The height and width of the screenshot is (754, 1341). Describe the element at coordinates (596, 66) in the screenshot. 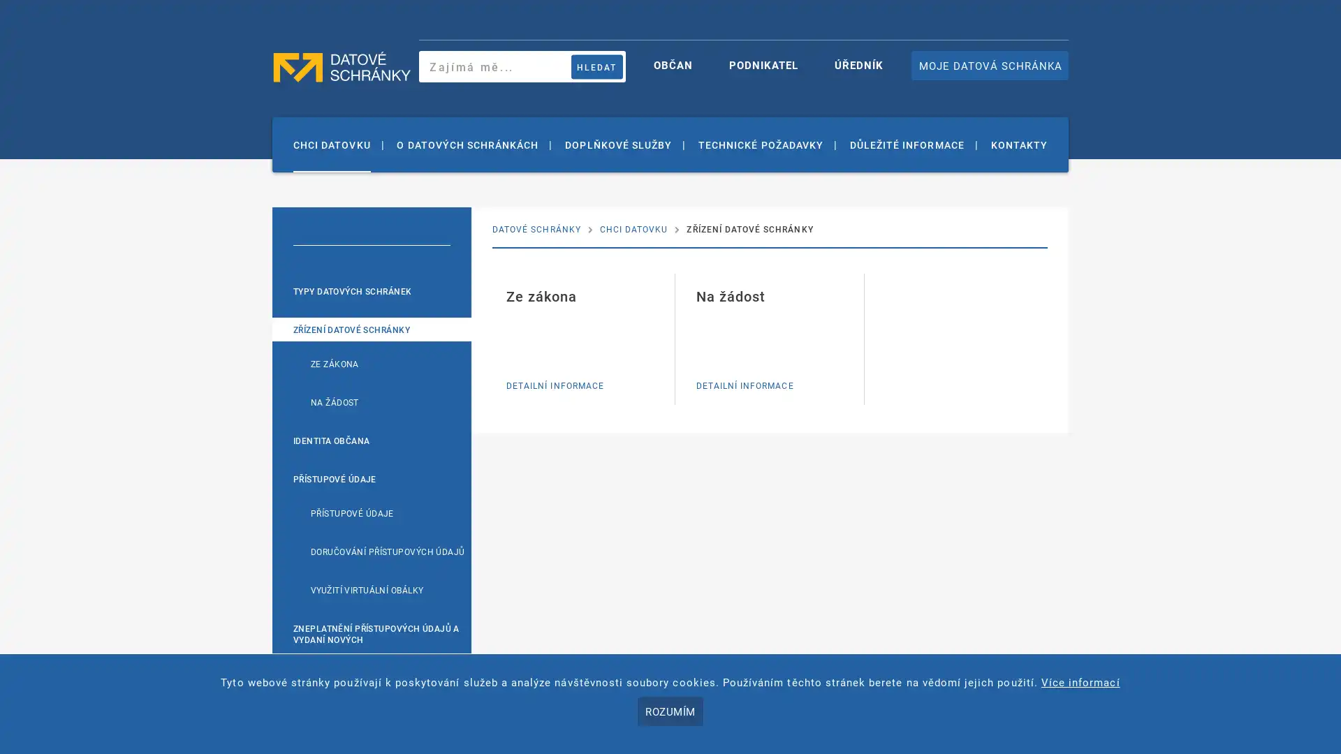

I see `Hledat` at that location.